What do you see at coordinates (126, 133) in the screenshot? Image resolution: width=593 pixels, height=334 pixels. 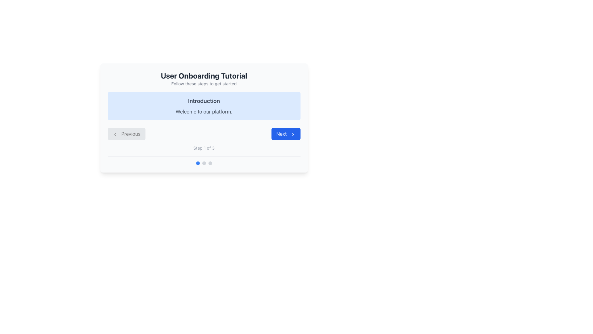 I see `the navigation button located in the bottom-left corner of the user interface, just below the 'Introduction' box` at bounding box center [126, 133].